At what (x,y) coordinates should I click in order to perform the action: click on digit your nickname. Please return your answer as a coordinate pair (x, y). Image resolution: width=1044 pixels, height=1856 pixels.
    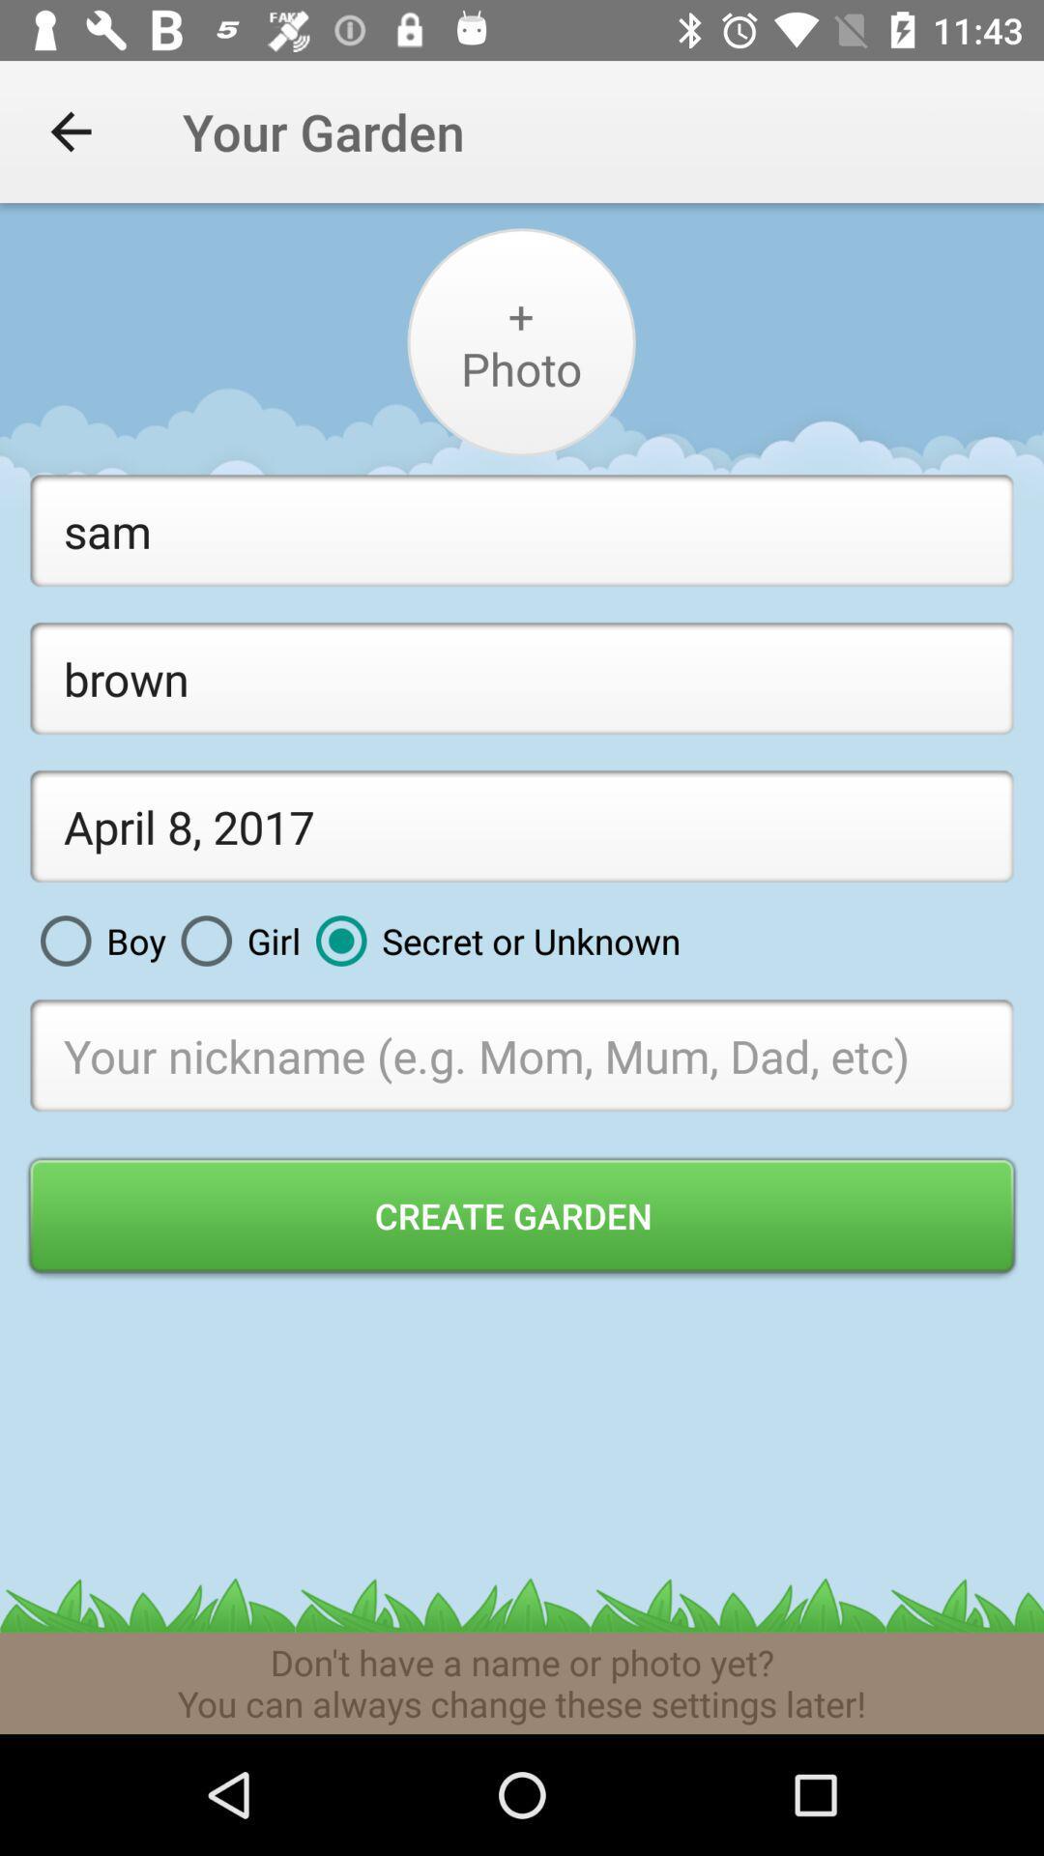
    Looking at the image, I should click on (522, 1054).